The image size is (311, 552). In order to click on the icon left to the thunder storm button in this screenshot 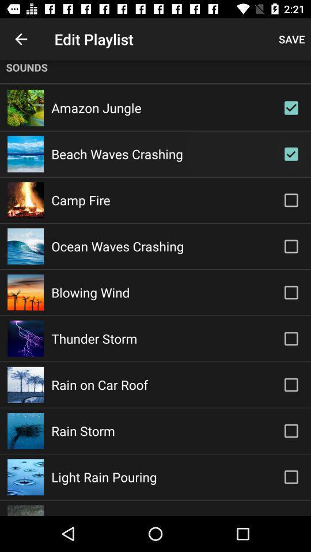, I will do `click(25, 339)`.